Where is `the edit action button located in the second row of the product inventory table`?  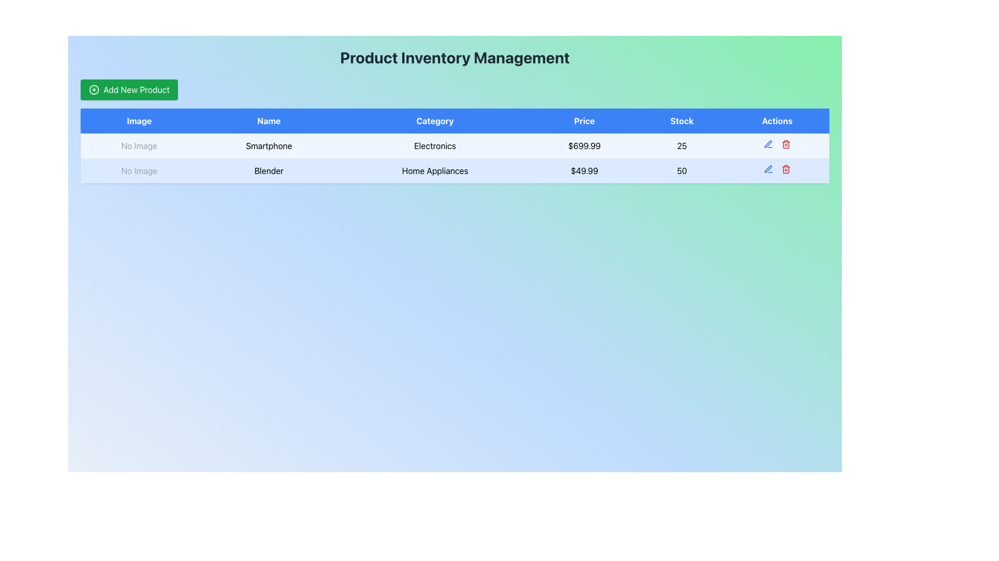 the edit action button located in the second row of the product inventory table is located at coordinates (768, 144).